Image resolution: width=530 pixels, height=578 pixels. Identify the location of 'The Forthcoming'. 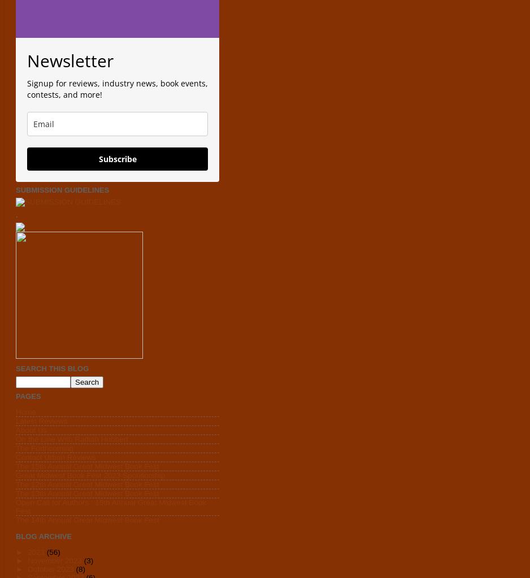
(44, 448).